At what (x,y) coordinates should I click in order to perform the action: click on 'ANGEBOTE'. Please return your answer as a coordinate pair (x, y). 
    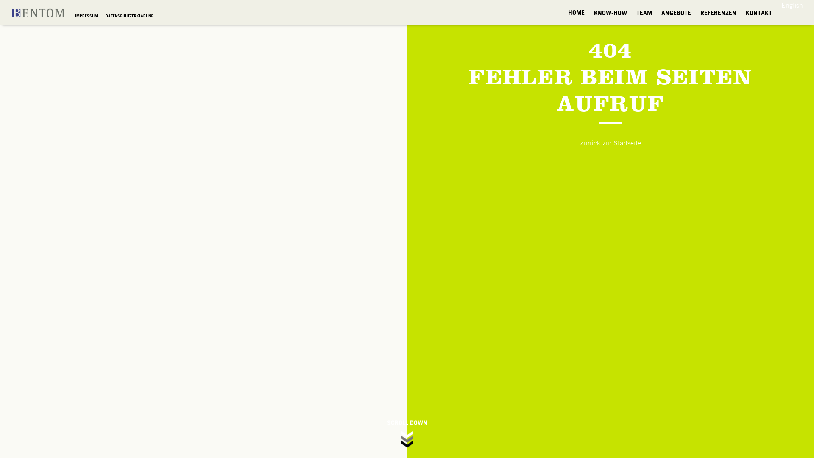
    Looking at the image, I should click on (675, 13).